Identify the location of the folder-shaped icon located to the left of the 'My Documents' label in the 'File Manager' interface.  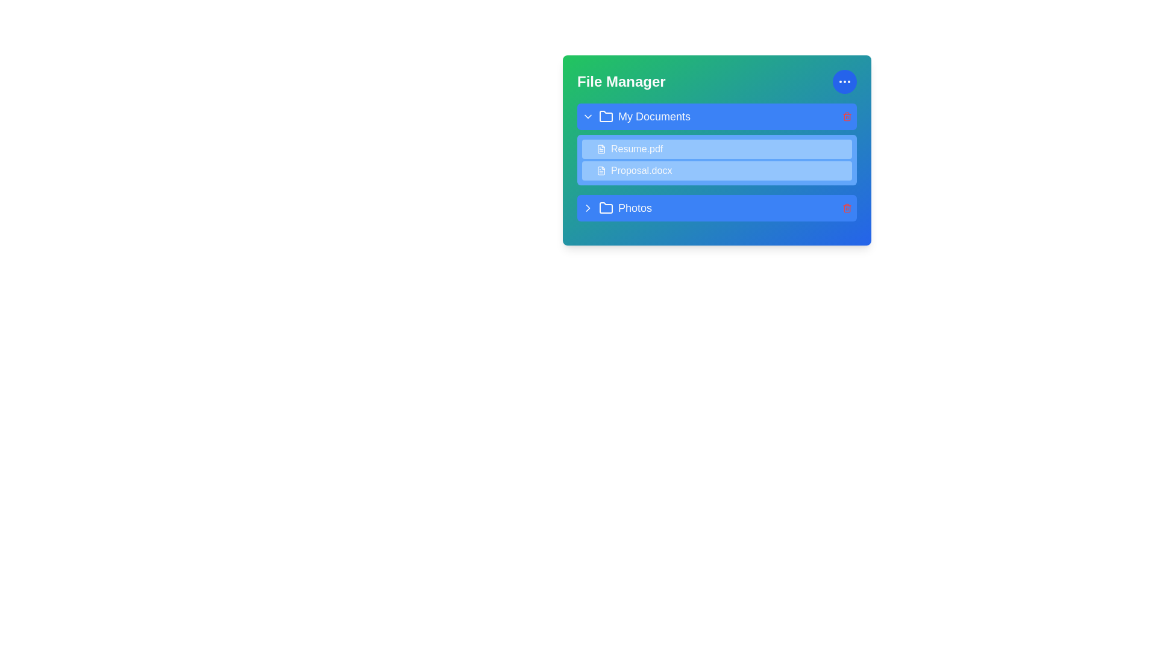
(606, 116).